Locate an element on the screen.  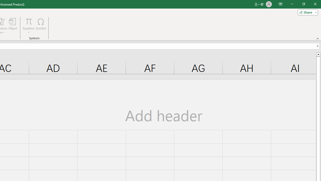
'Equation' is located at coordinates (29, 26).